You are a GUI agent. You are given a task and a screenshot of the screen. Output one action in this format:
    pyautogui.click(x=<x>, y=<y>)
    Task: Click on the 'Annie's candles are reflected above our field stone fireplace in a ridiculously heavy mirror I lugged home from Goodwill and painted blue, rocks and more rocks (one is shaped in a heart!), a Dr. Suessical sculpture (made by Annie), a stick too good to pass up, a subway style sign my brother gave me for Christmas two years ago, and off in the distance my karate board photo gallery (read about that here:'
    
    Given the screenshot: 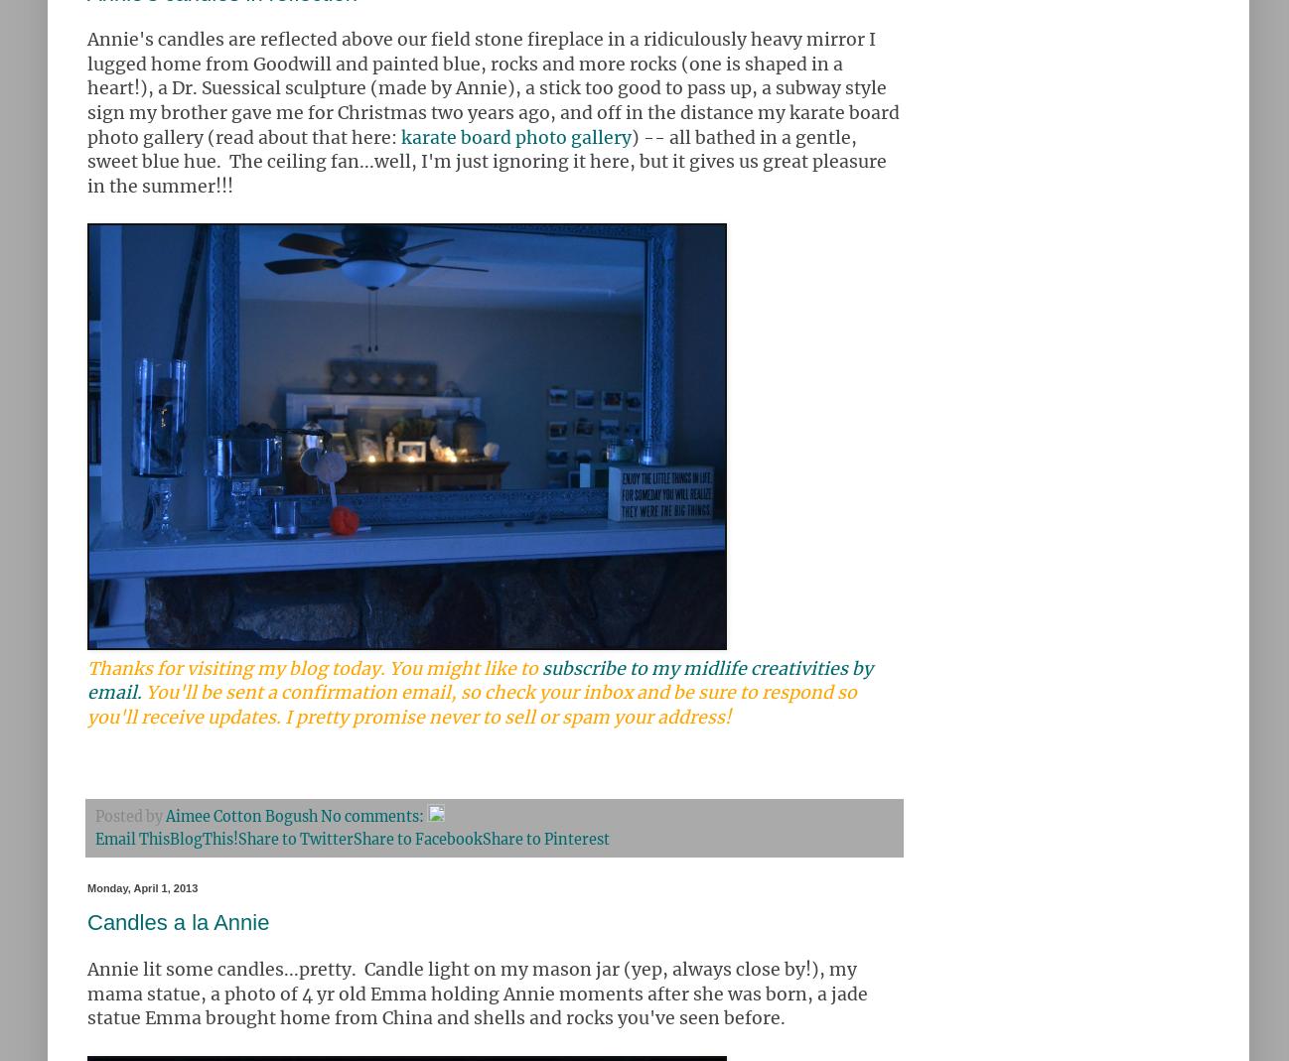 What is the action you would take?
    pyautogui.click(x=494, y=87)
    